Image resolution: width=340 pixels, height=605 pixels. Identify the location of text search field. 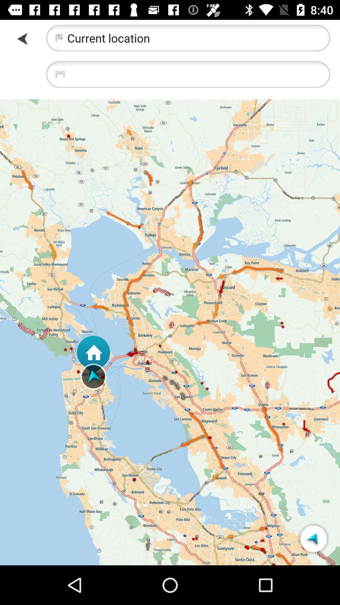
(188, 74).